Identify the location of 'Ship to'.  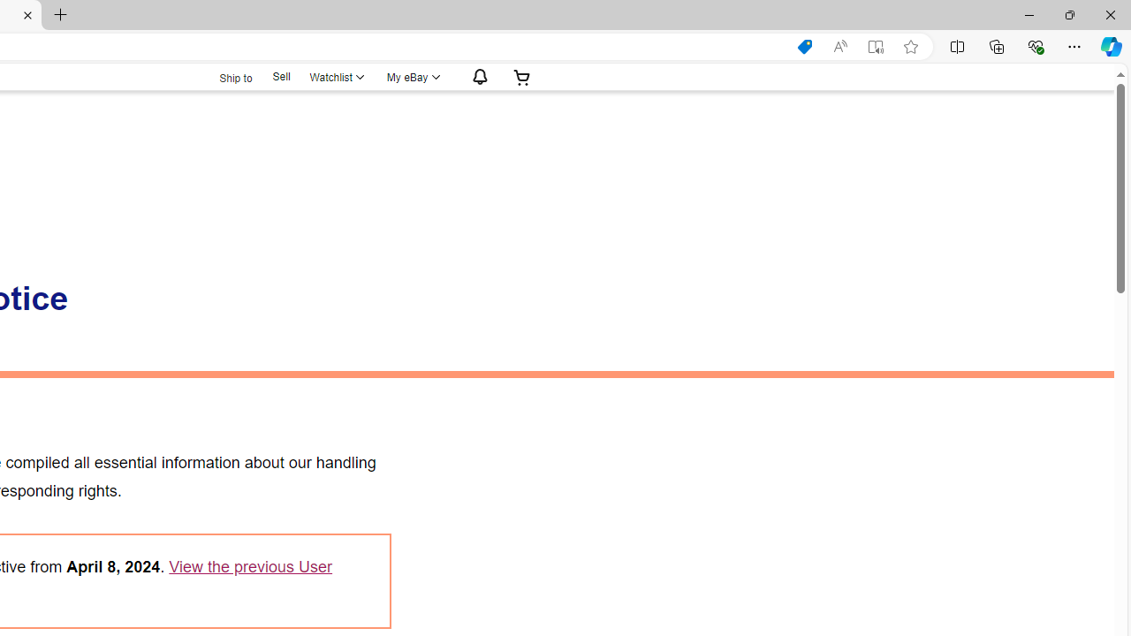
(224, 77).